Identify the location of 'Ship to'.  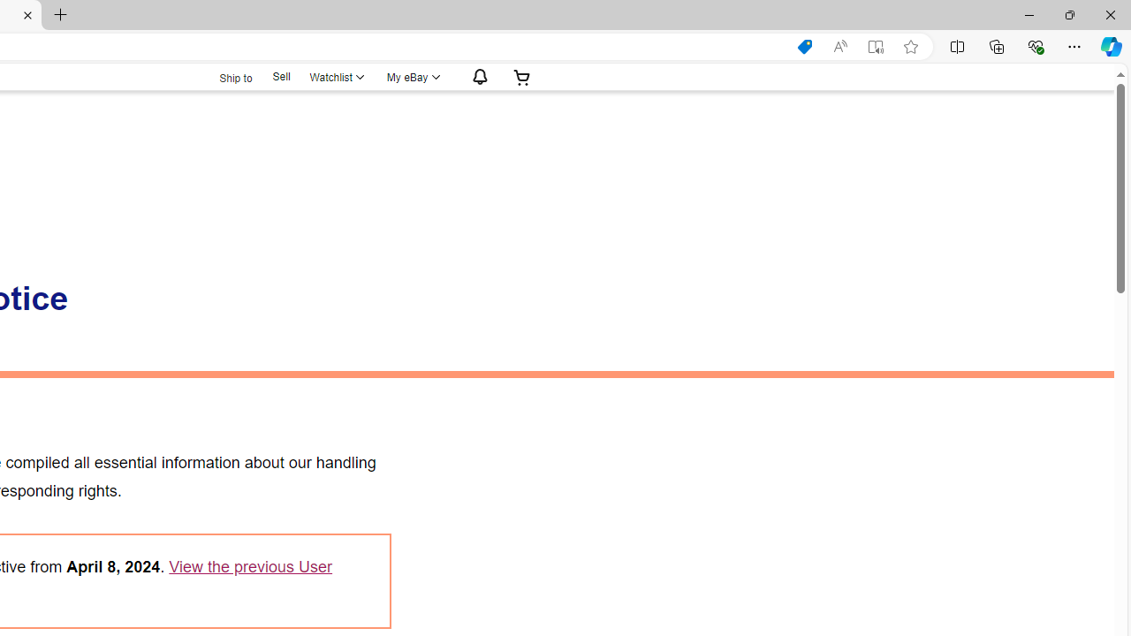
(224, 77).